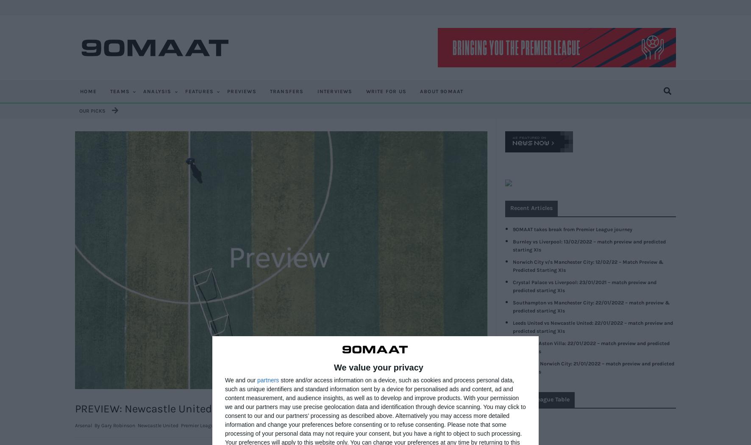 This screenshot has width=751, height=445. I want to click on 'Premier League Table', so click(540, 398).